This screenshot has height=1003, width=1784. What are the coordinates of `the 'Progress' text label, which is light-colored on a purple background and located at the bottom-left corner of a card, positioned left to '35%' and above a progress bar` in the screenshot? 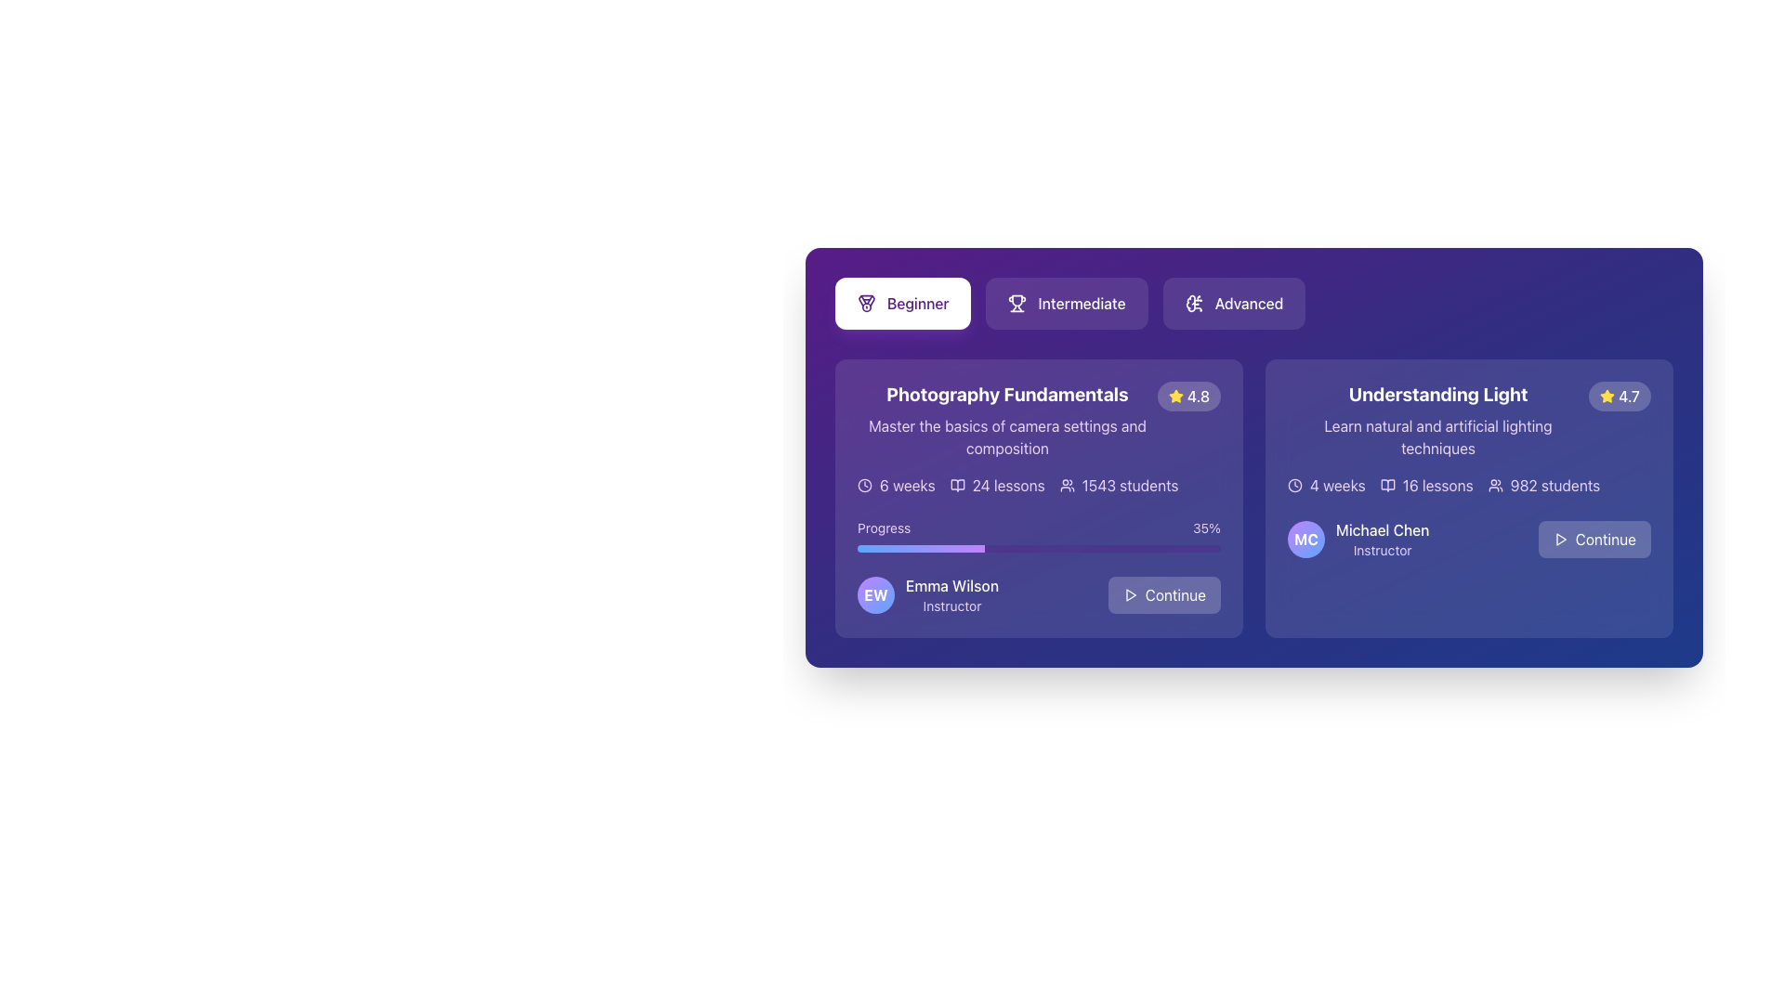 It's located at (883, 528).